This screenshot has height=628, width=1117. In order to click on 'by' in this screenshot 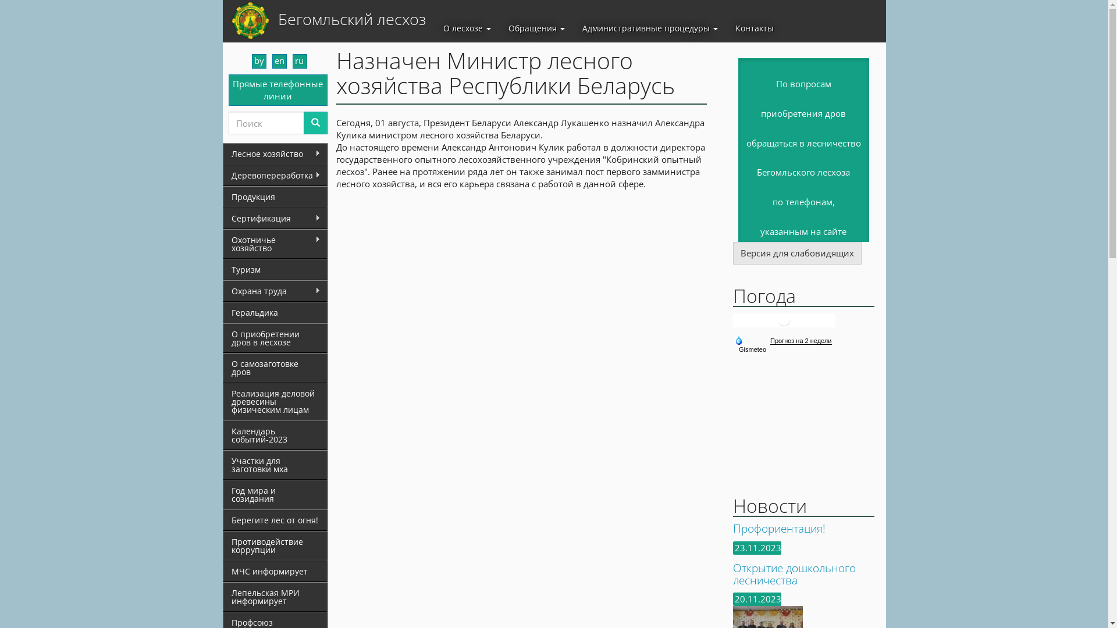, I will do `click(258, 60)`.